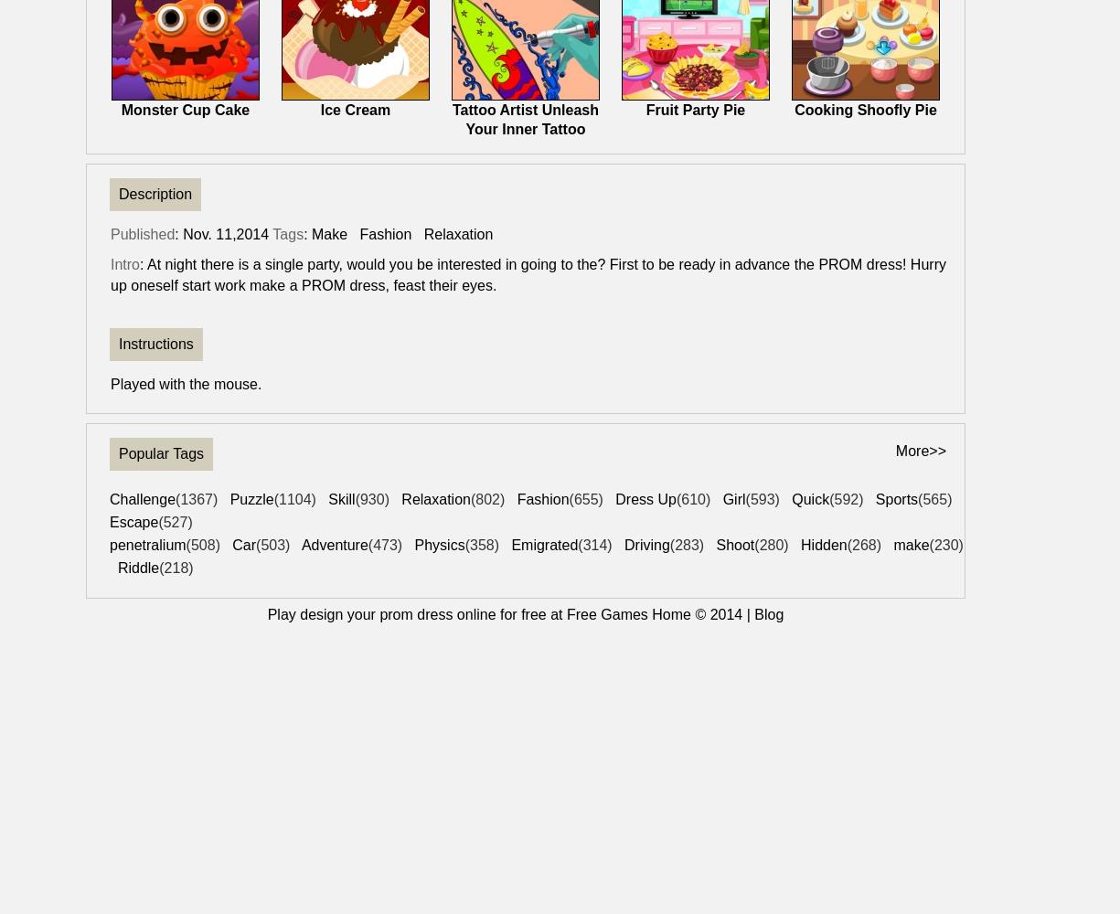  I want to click on 'Description', so click(155, 193).